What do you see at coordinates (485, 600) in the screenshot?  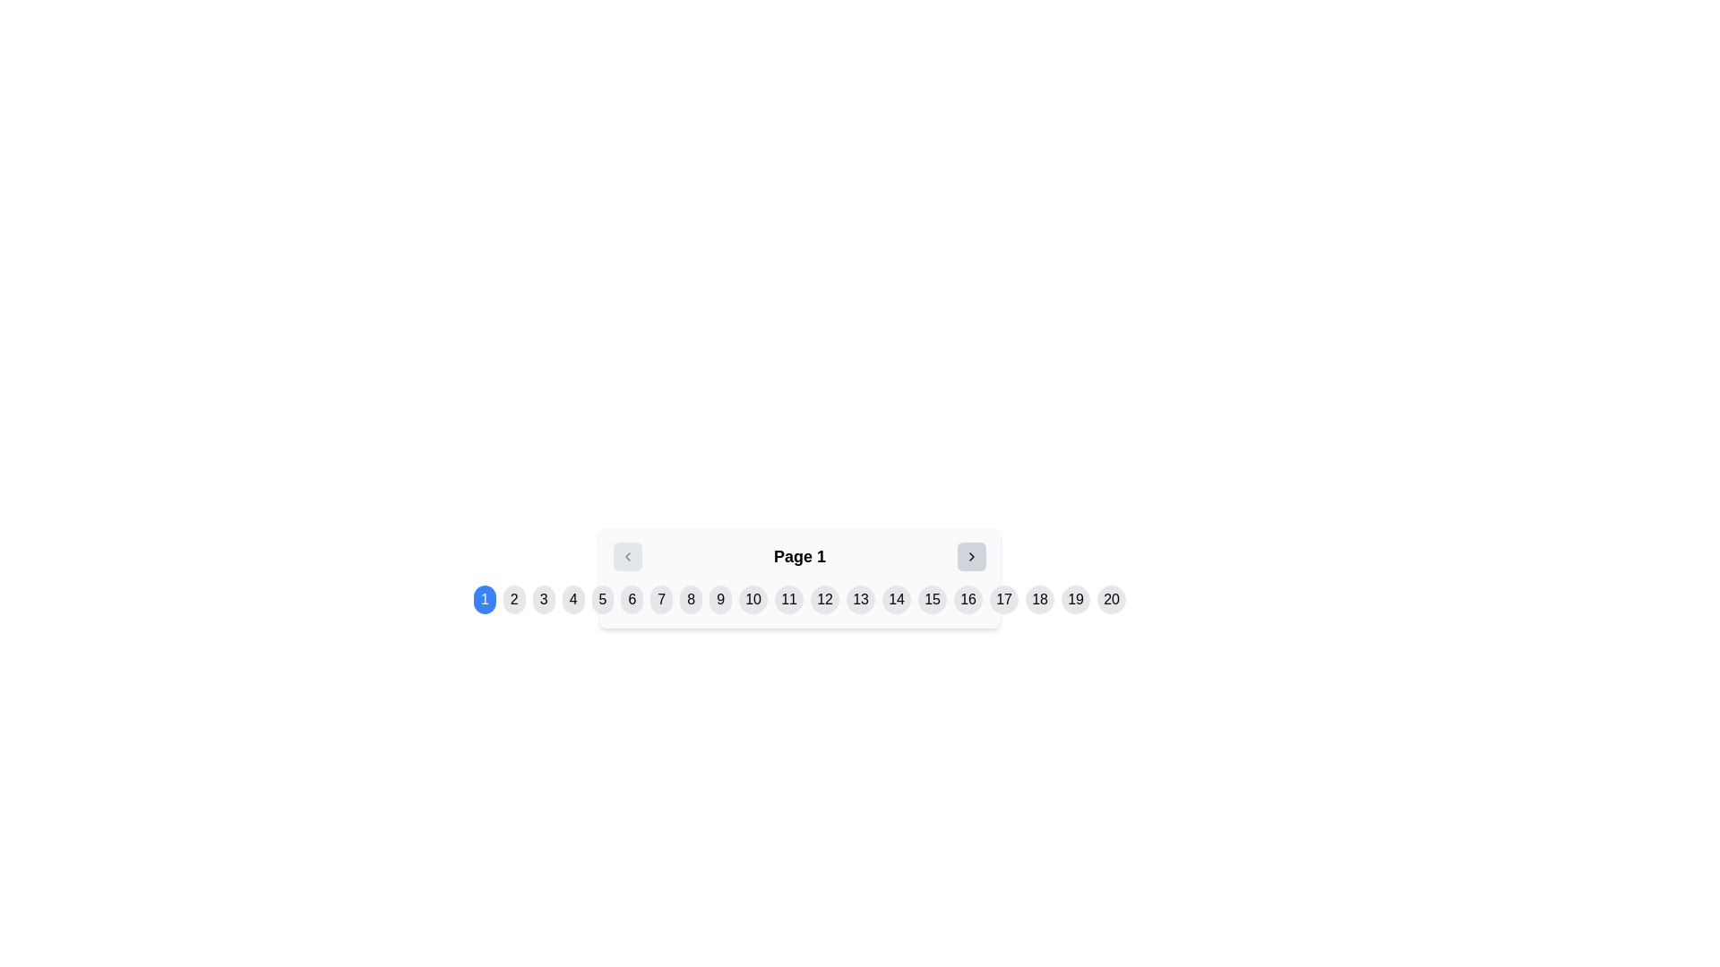 I see `the first pagination button with a circular blue background and white number '1'` at bounding box center [485, 600].